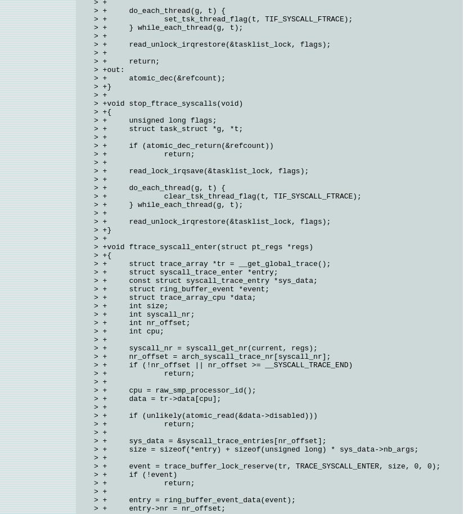  Describe the element at coordinates (227, 196) in the screenshot. I see `'> +		clear_tsk_thread_flag(t, TIF_SYSCALL_FTRACE);'` at that location.